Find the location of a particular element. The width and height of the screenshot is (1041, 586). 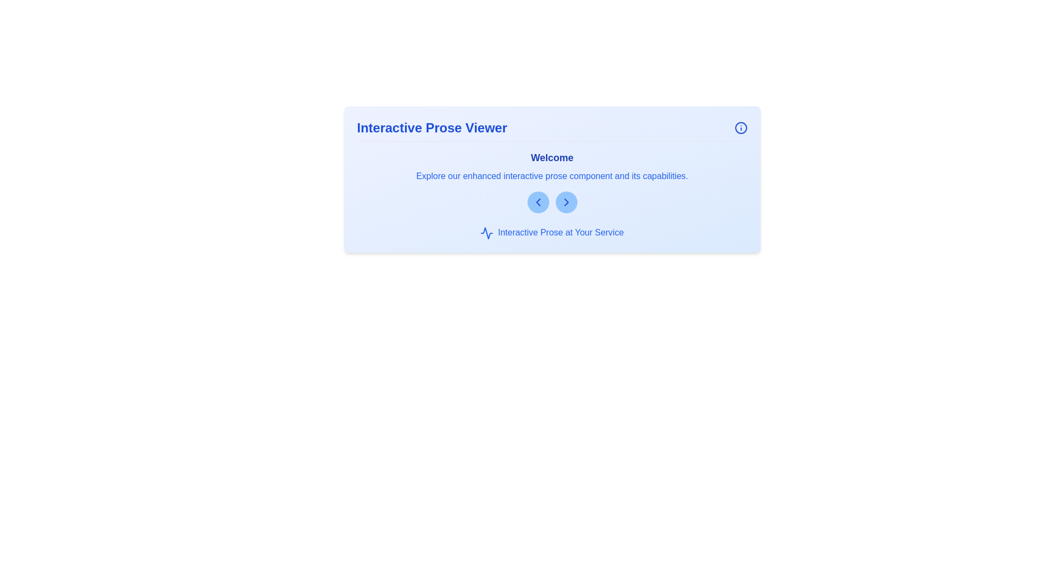

the left-pointing chevron icon button with a blue stroke to trigger its visual response is located at coordinates (538, 202).